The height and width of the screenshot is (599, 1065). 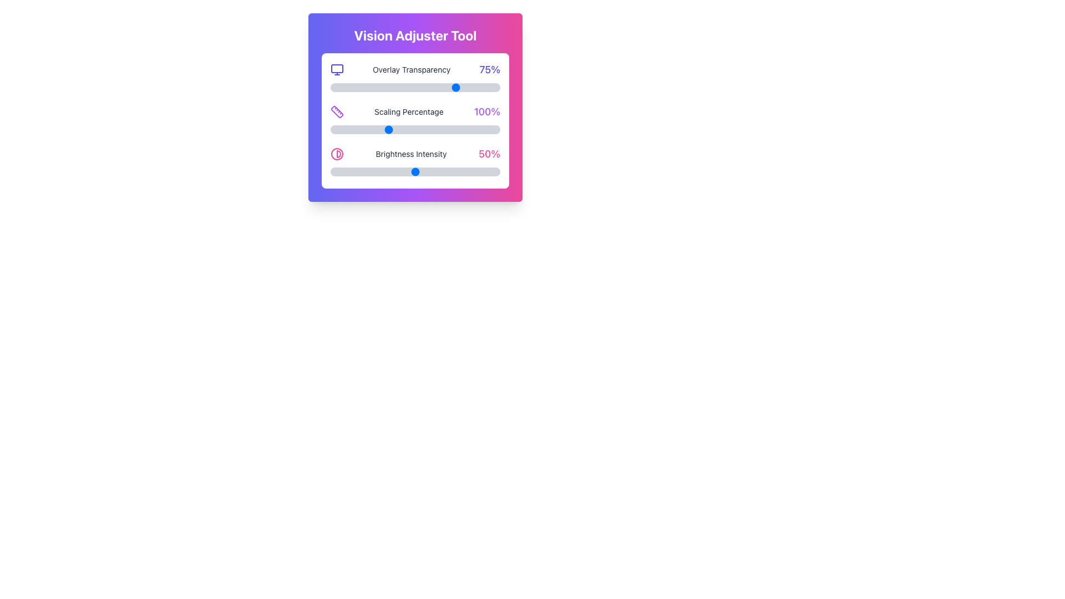 What do you see at coordinates (337, 70) in the screenshot?
I see `the icon representing 'Overlay Transparency', which is located to the left of the text 'Overlay Transparency' and is the first noticeable element in the row` at bounding box center [337, 70].